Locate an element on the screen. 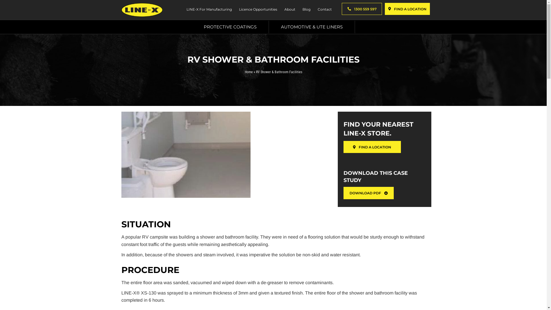 This screenshot has height=310, width=551. 'Contact' is located at coordinates (324, 10).